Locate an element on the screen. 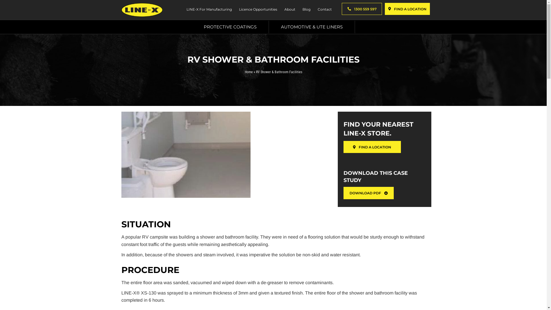 This screenshot has height=310, width=551. 'Contact' is located at coordinates (324, 10).